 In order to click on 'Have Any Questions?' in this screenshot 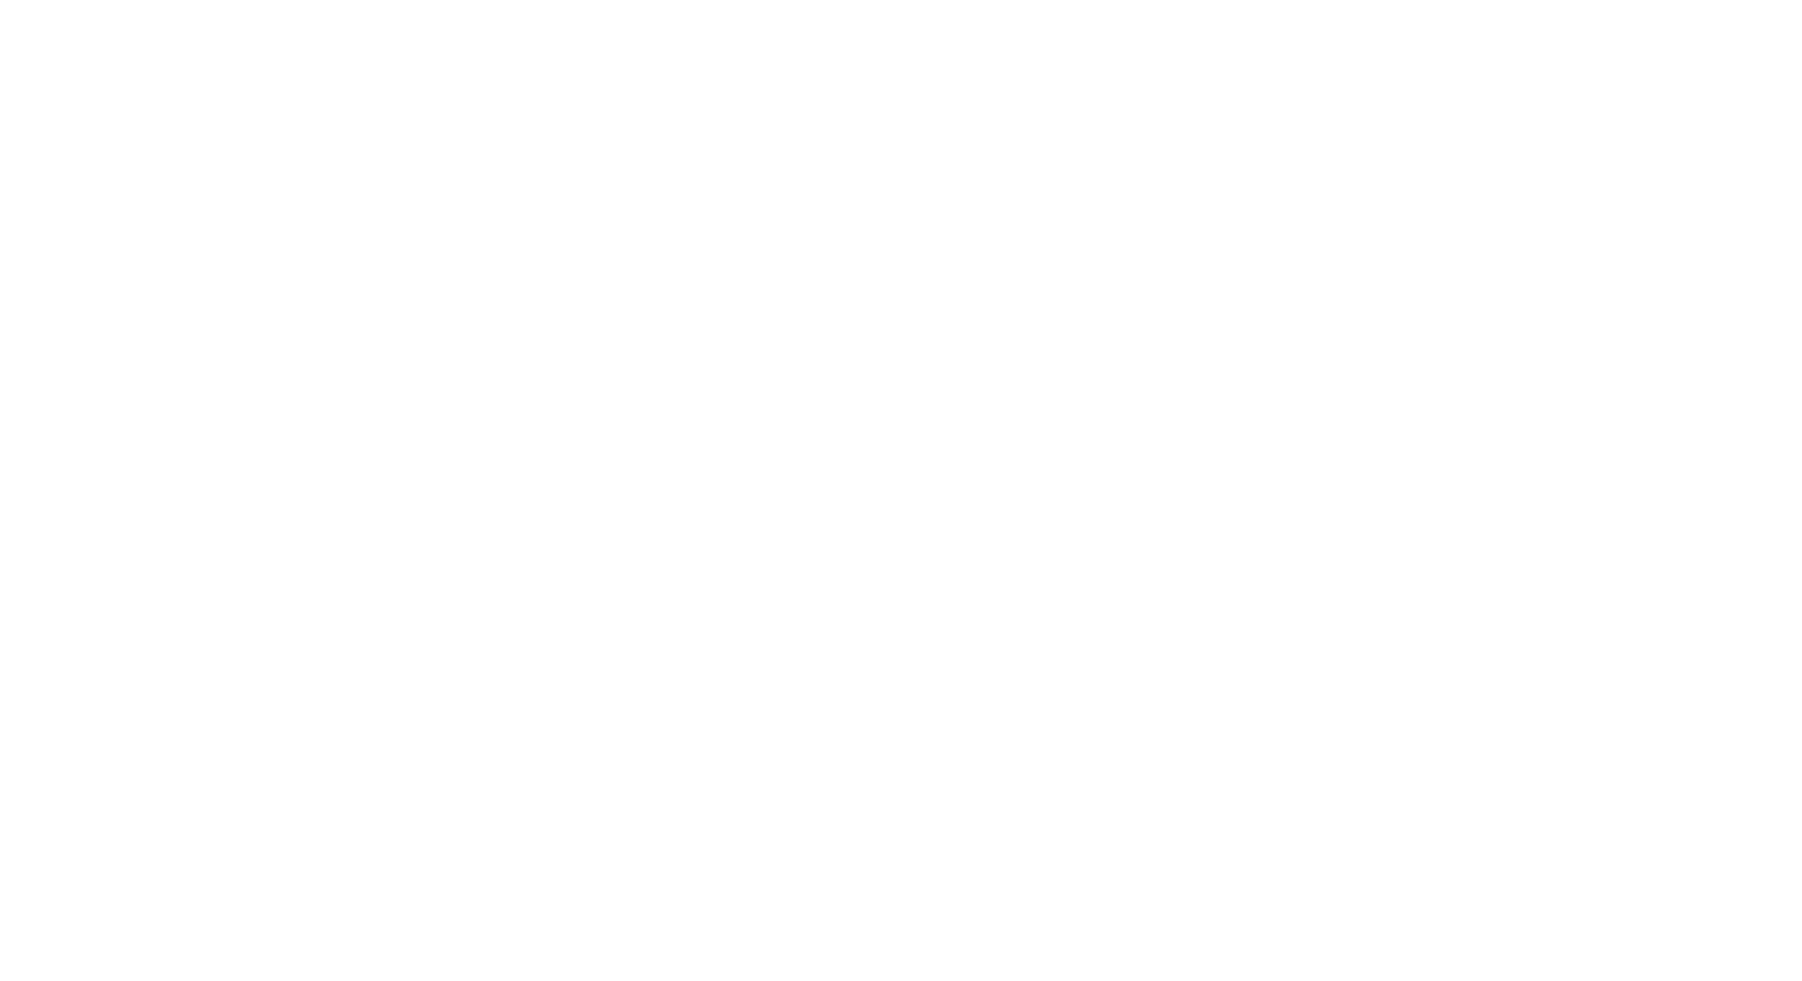, I will do `click(848, 493)`.